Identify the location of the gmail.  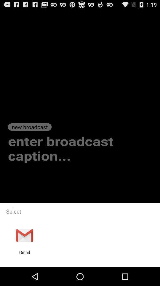
(24, 255).